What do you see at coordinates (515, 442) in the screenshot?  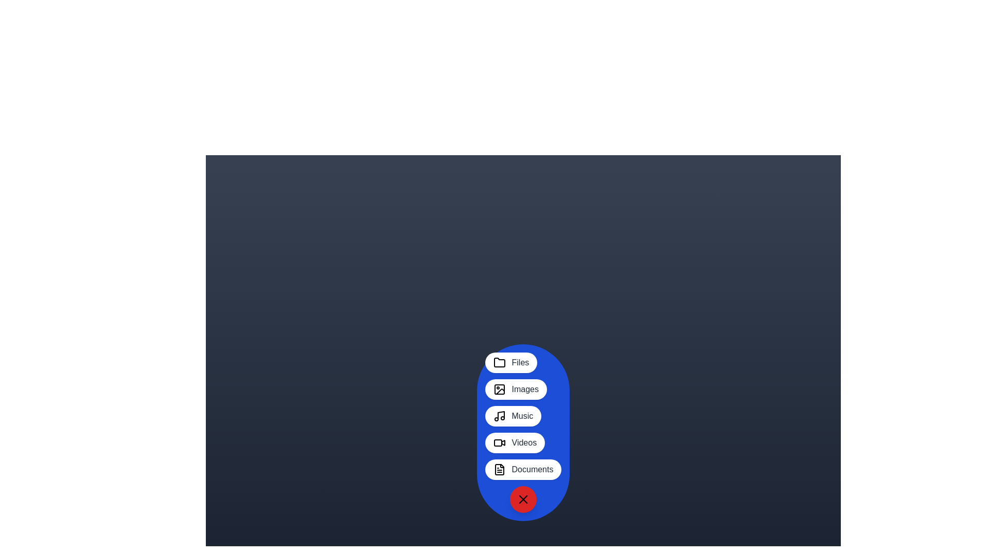 I see `the Videos button in the MultimediaSpeedDial component` at bounding box center [515, 442].